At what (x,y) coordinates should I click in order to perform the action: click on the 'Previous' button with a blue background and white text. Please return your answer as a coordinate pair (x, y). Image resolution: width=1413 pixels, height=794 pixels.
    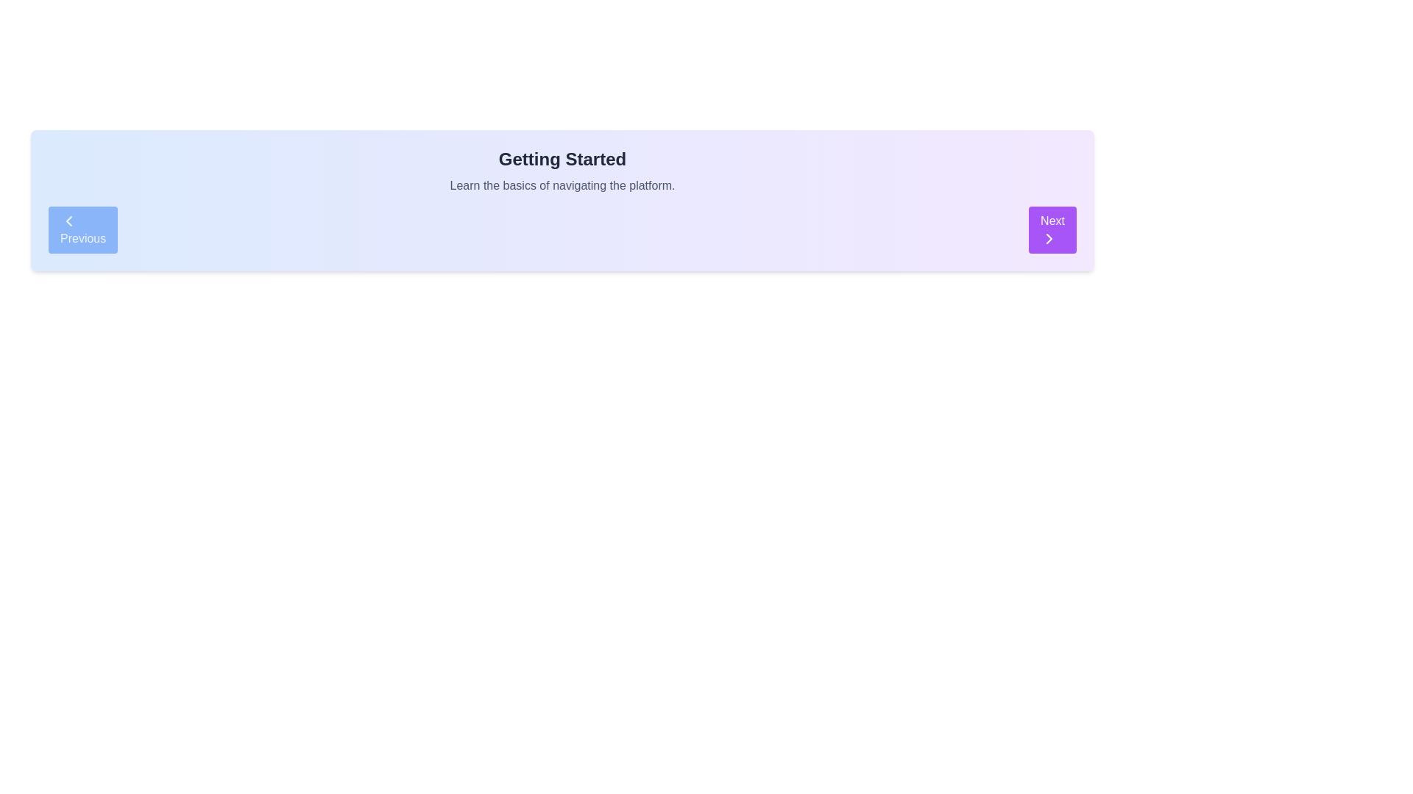
    Looking at the image, I should click on (82, 229).